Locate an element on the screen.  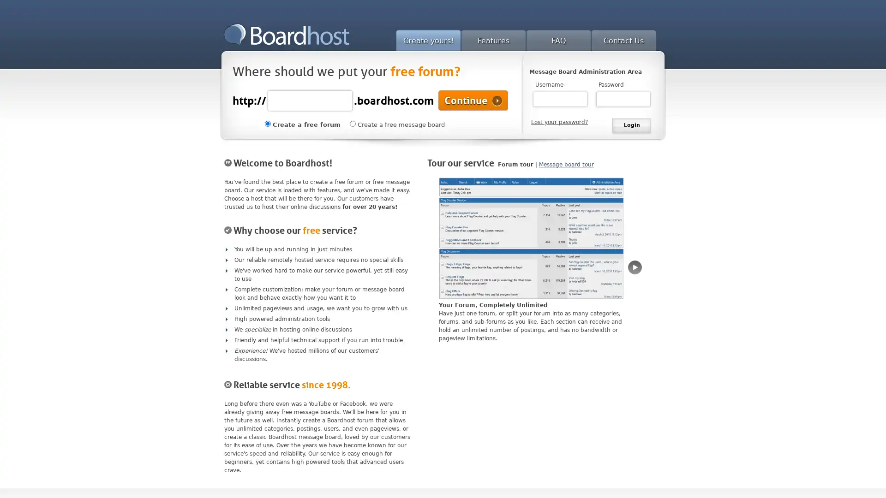
Login is located at coordinates (631, 126).